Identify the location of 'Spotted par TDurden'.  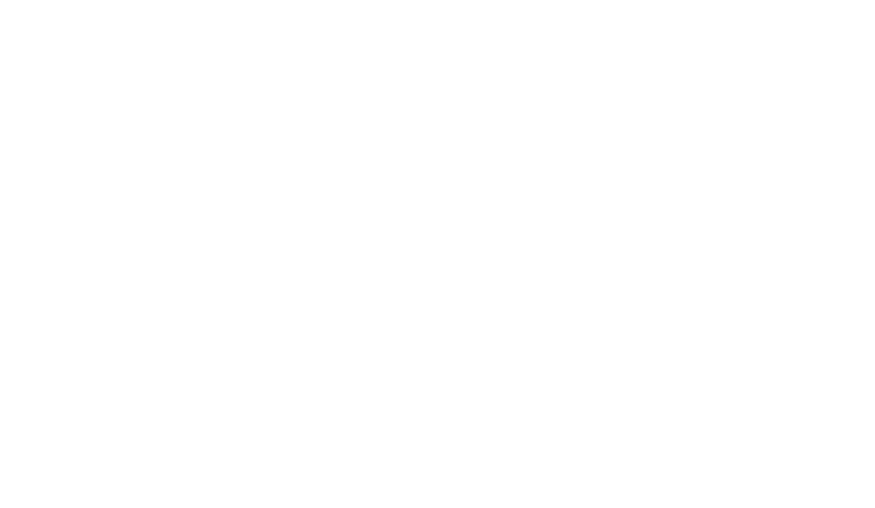
(210, 341).